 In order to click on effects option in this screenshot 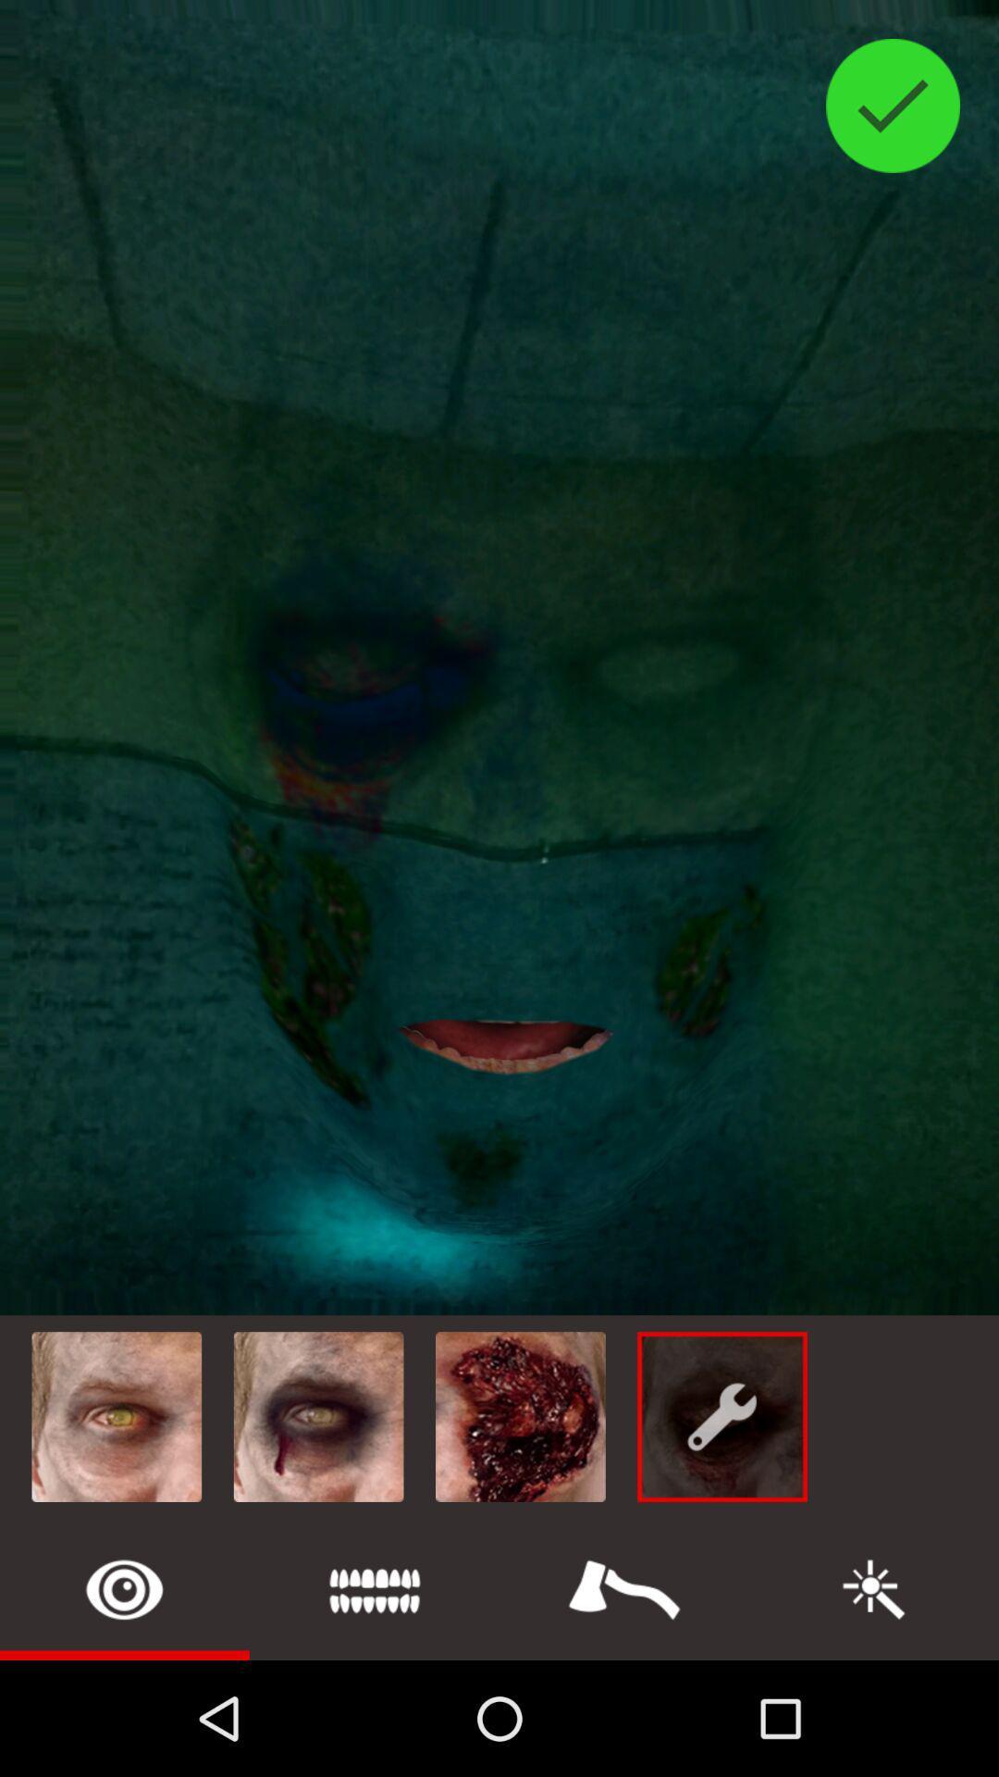, I will do `click(624, 1588)`.